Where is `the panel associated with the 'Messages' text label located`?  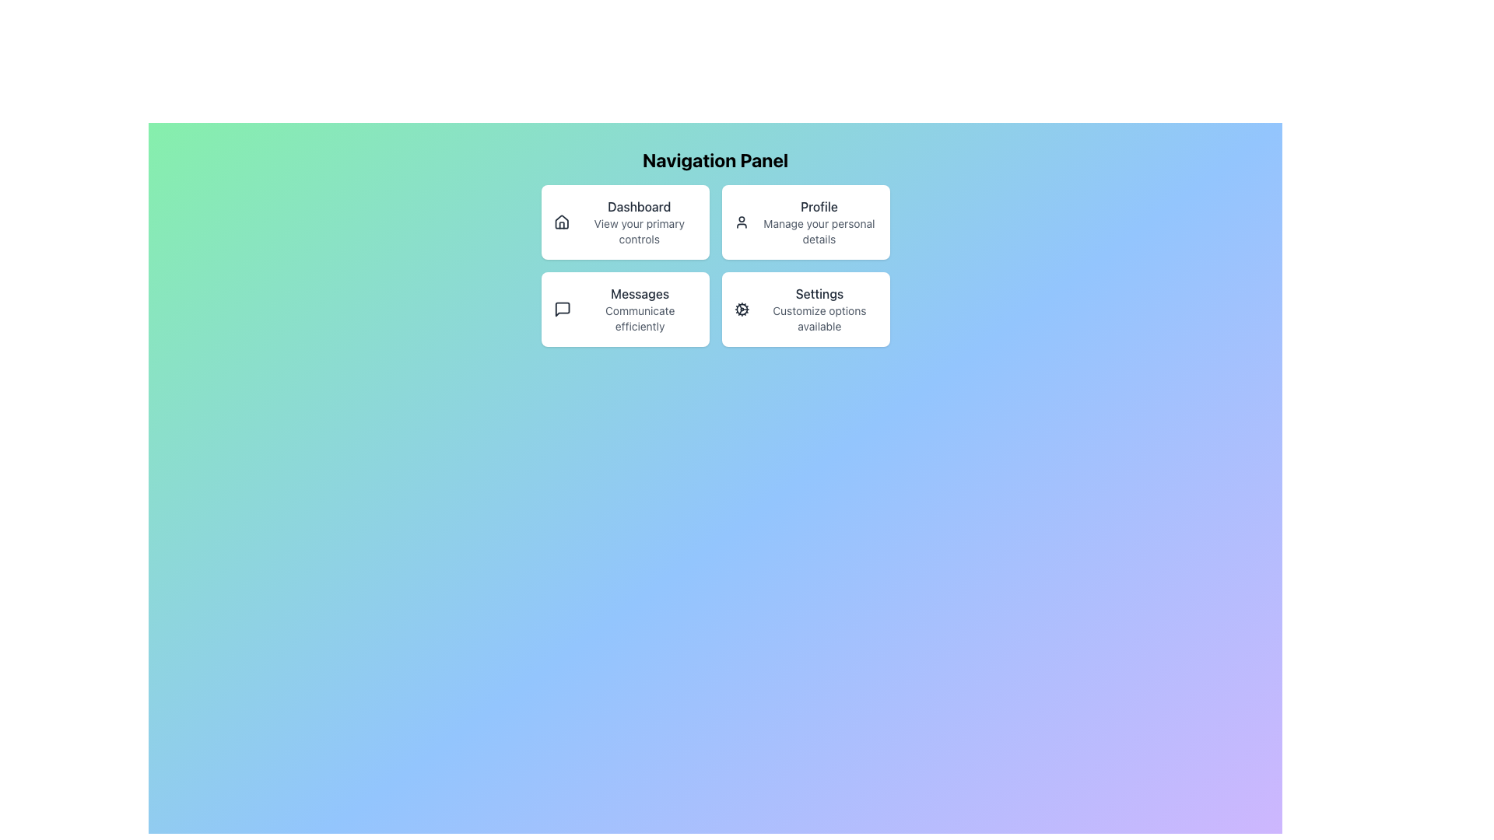 the panel associated with the 'Messages' text label located is located at coordinates (640, 294).